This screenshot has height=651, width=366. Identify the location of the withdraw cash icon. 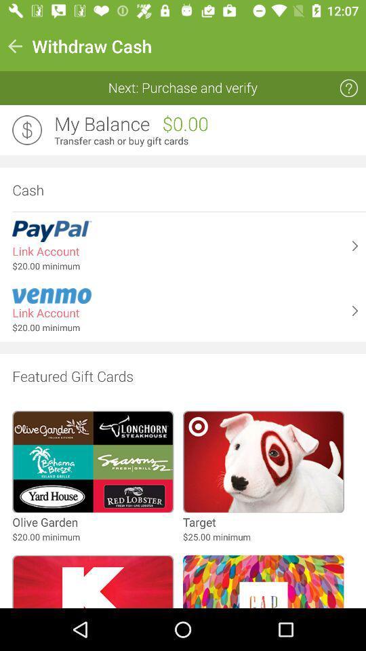
(91, 46).